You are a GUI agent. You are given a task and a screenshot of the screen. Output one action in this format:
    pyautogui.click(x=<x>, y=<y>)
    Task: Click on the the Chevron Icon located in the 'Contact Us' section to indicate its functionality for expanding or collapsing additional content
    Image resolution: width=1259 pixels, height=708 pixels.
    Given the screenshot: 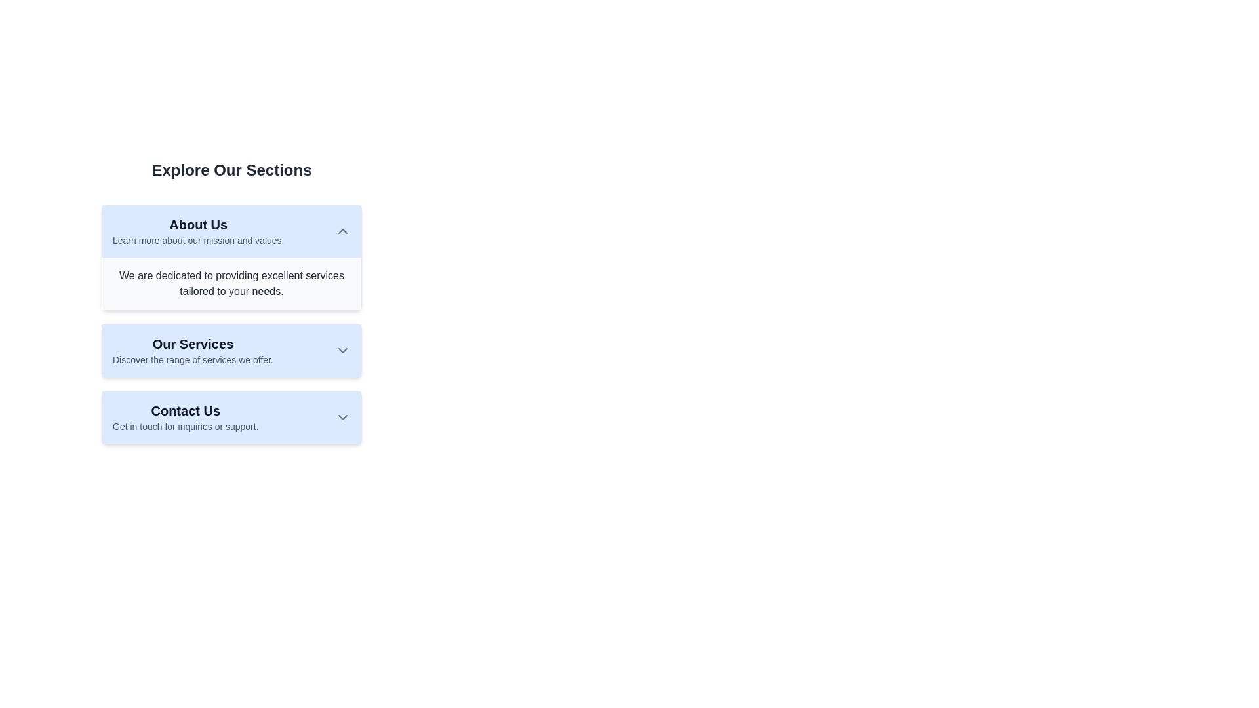 What is the action you would take?
    pyautogui.click(x=343, y=417)
    